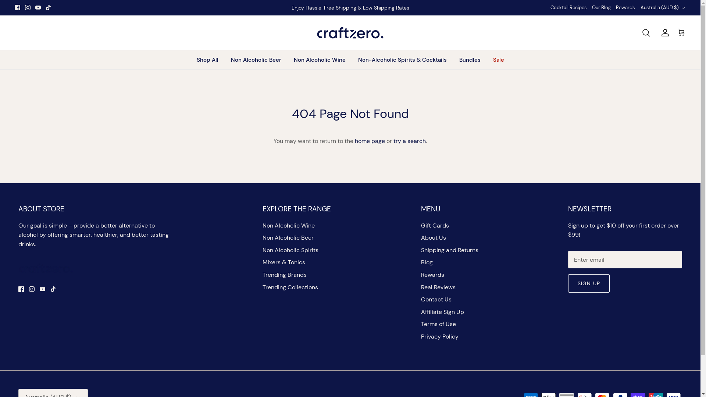 The height and width of the screenshot is (397, 706). What do you see at coordinates (435, 225) in the screenshot?
I see `'Gift Cards'` at bounding box center [435, 225].